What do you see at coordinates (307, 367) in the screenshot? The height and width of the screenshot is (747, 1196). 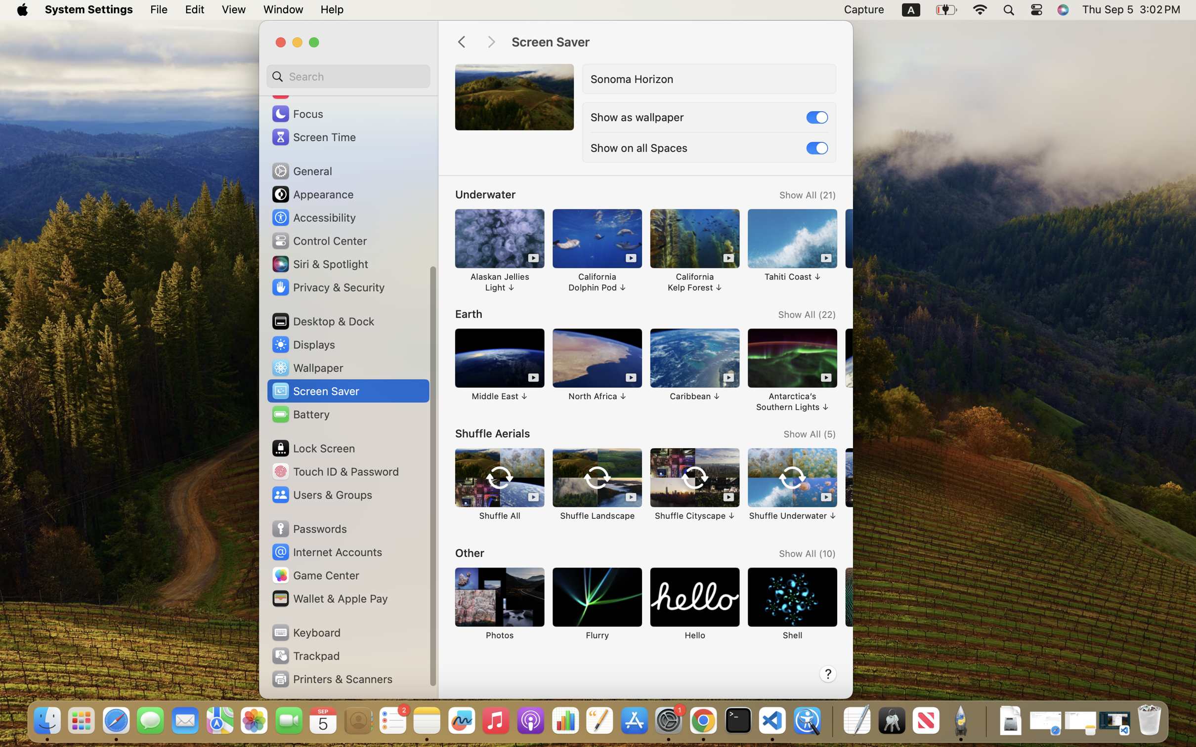 I see `'Wallpaper'` at bounding box center [307, 367].